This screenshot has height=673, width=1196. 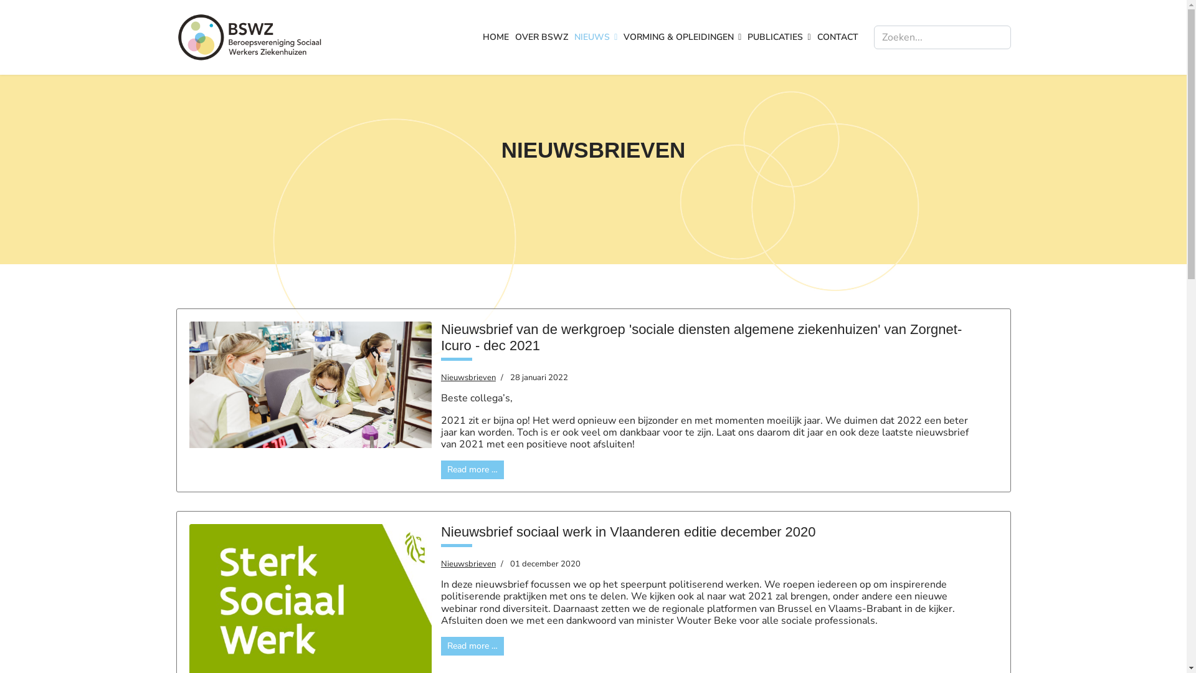 I want to click on 'Nieuwsbrieven', so click(x=468, y=564).